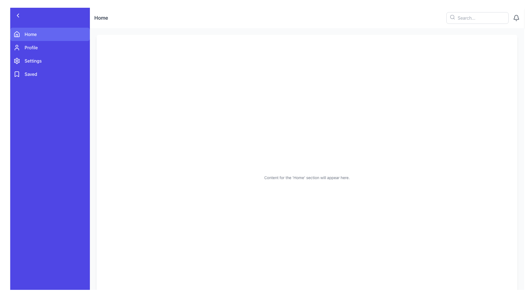  What do you see at coordinates (31, 47) in the screenshot?
I see `the 'Profile' text label in the navigation menu, styled in white against a blue background, located below the user profile icon` at bounding box center [31, 47].